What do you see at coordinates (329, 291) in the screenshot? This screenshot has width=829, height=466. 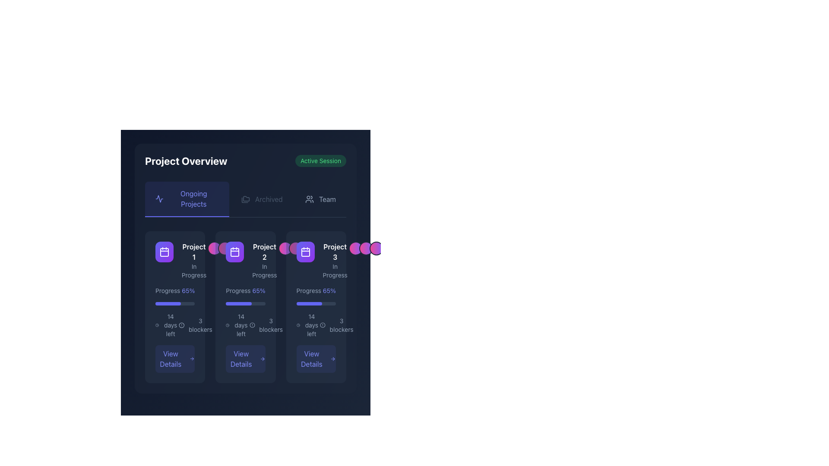 I see `the text field displaying '65%' in light indigo color, located in the 'Progress' section of 'Project 3' on the dashboard` at bounding box center [329, 291].